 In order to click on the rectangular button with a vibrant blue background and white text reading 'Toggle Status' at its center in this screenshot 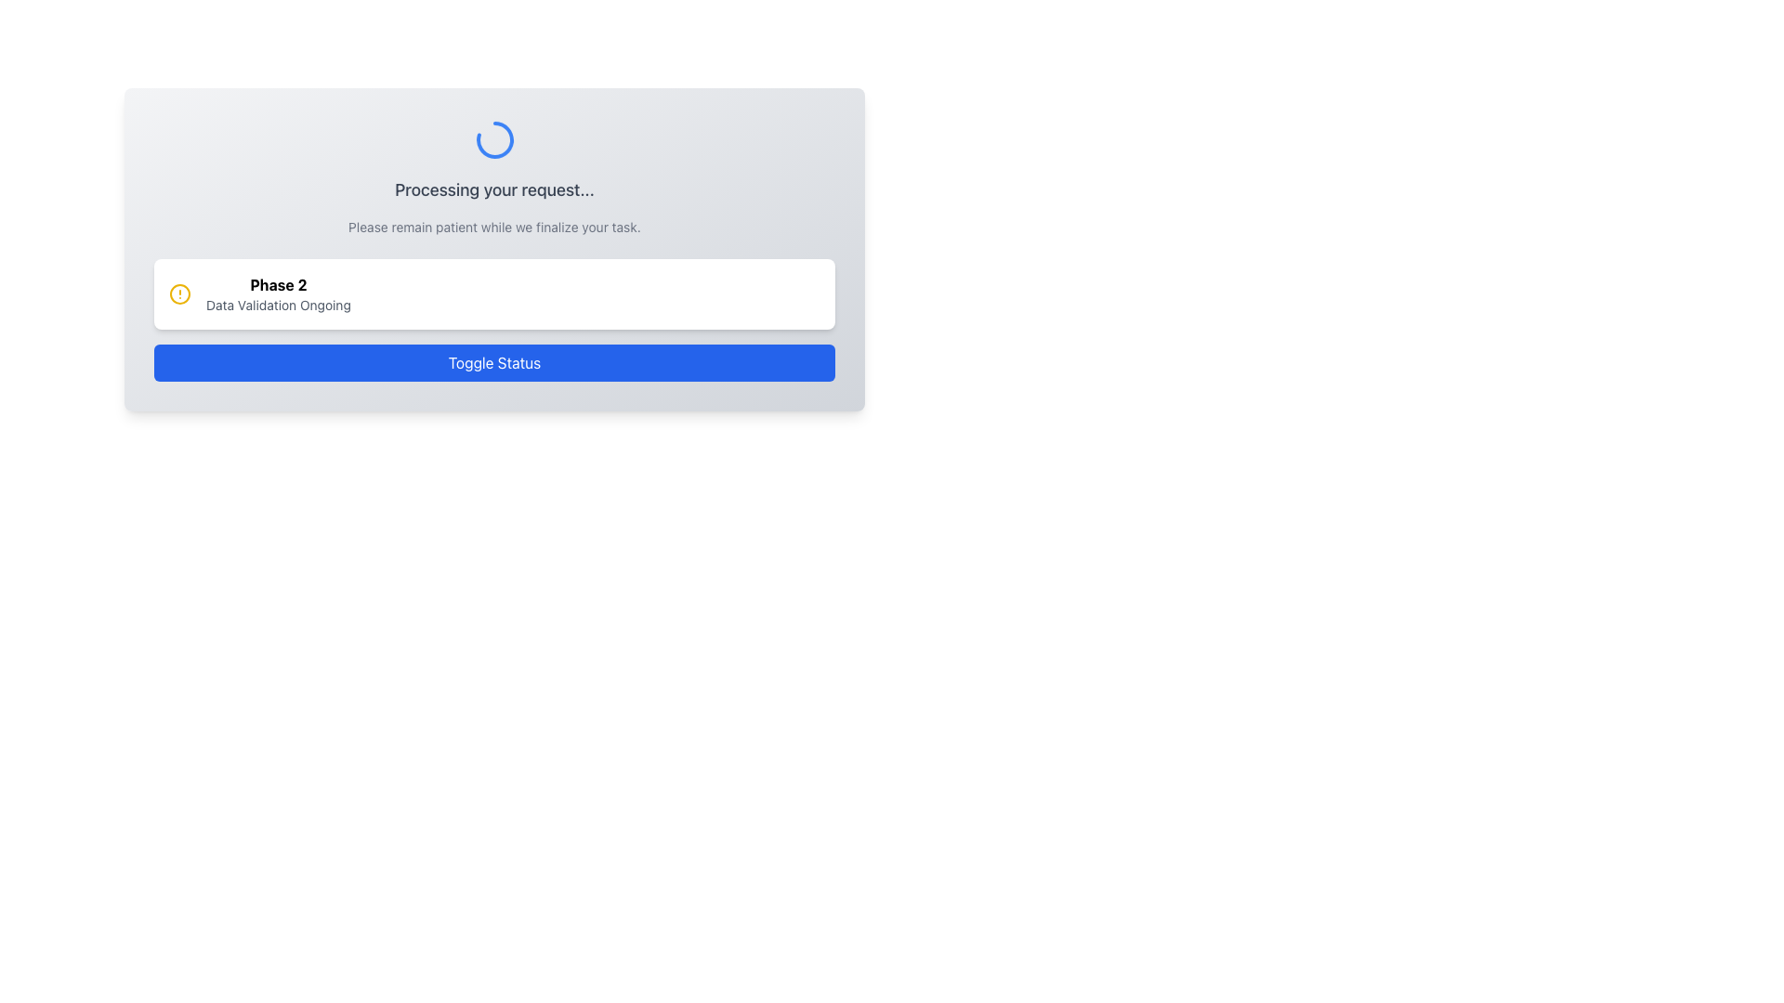, I will do `click(494, 362)`.